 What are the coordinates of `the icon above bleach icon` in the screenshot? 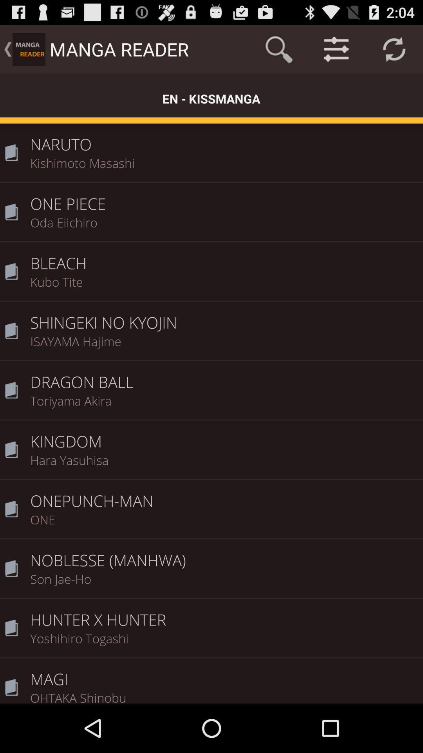 It's located at (224, 227).